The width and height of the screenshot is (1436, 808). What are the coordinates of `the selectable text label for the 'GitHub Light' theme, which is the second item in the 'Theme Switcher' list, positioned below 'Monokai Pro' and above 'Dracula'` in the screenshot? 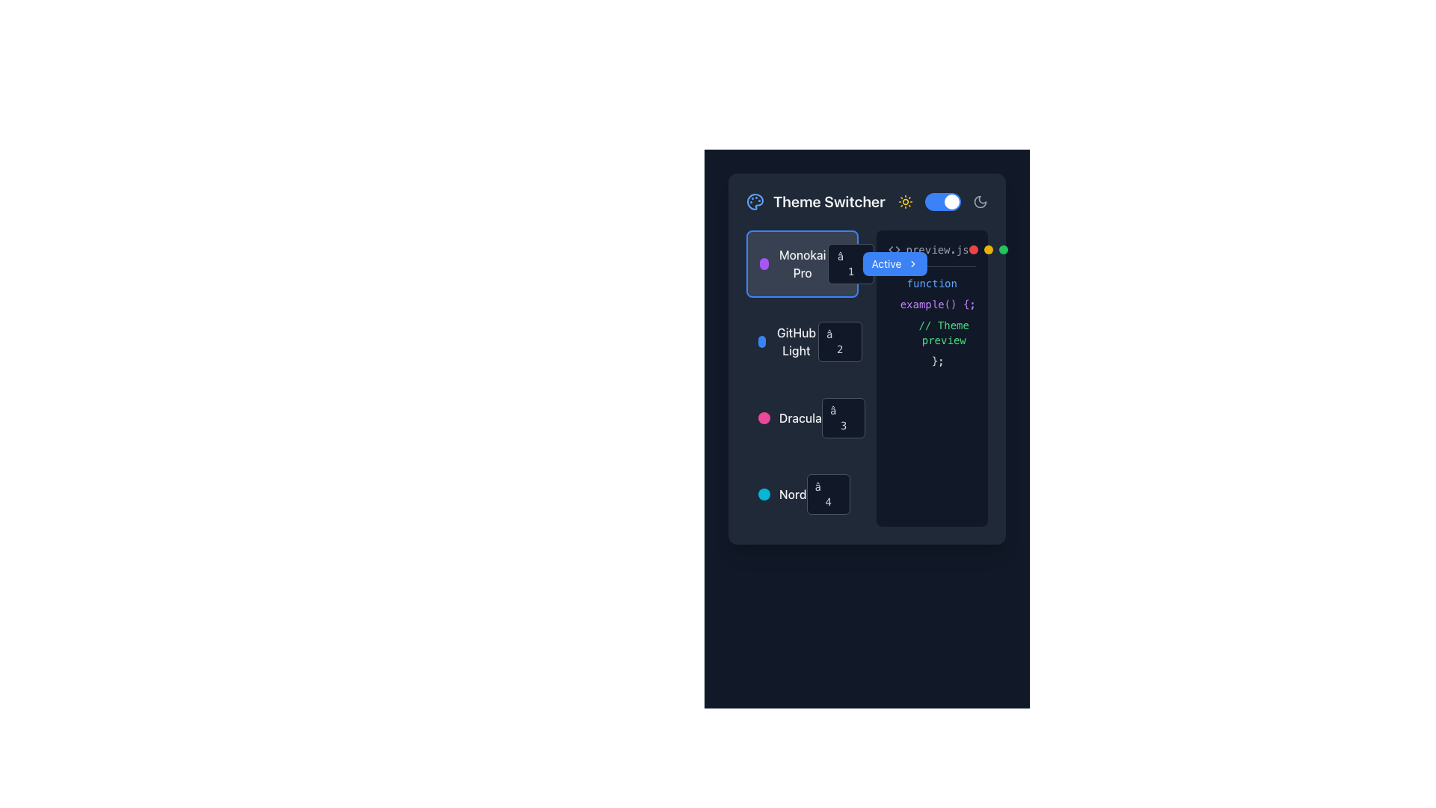 It's located at (796, 341).